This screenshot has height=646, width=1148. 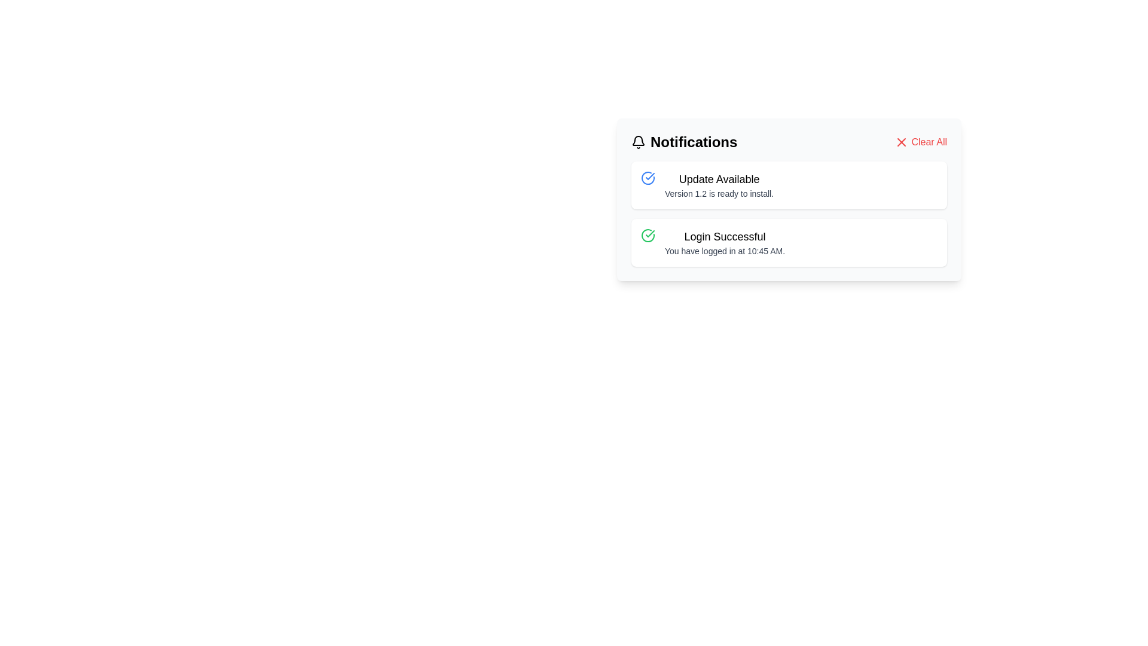 What do you see at coordinates (684, 142) in the screenshot?
I see `the heading element that serves as a title for the notifications section, located at the top of the interface, to the left of the 'Clear All' option` at bounding box center [684, 142].